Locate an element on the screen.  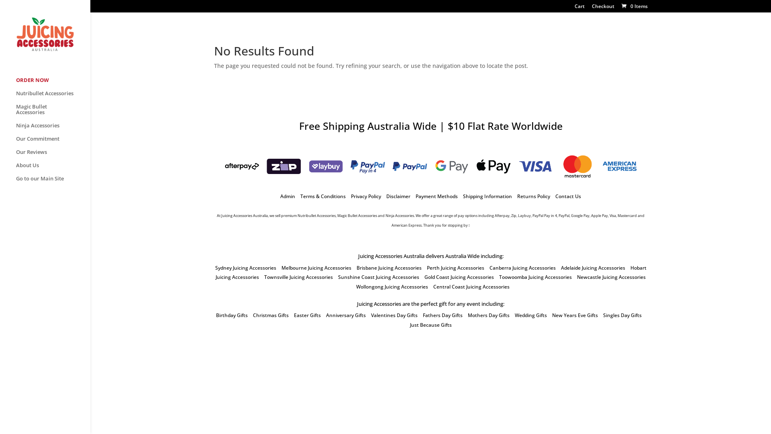
'Nutribullet Accessories' is located at coordinates (53, 96).